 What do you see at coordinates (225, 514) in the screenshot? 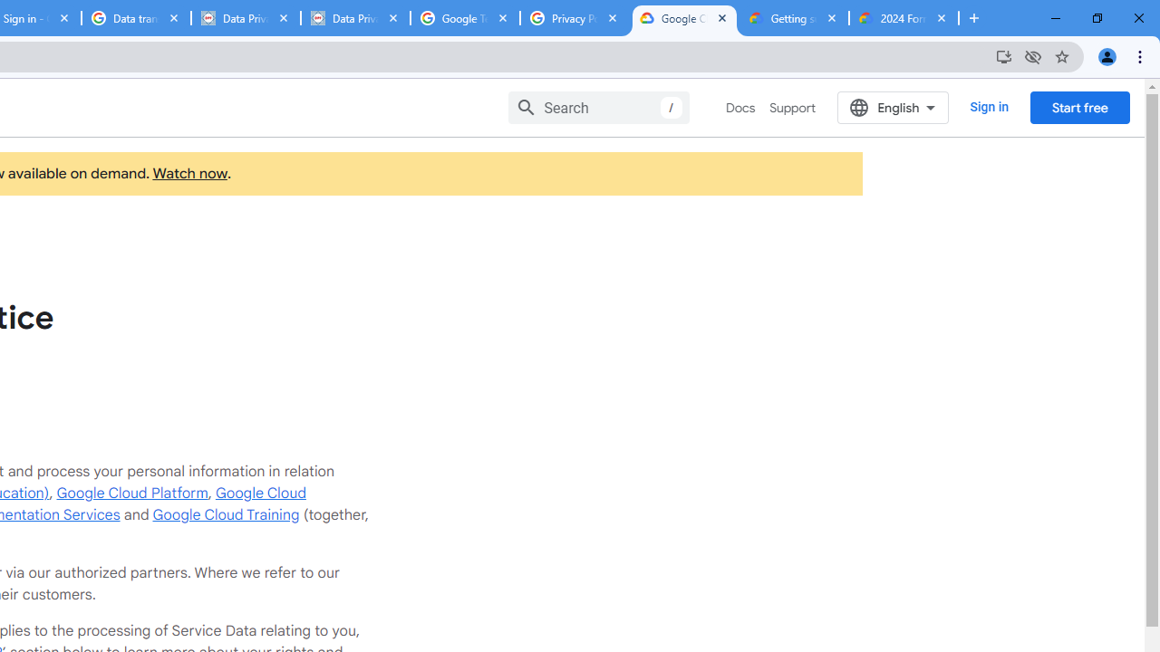
I see `'Google Cloud Training'` at bounding box center [225, 514].